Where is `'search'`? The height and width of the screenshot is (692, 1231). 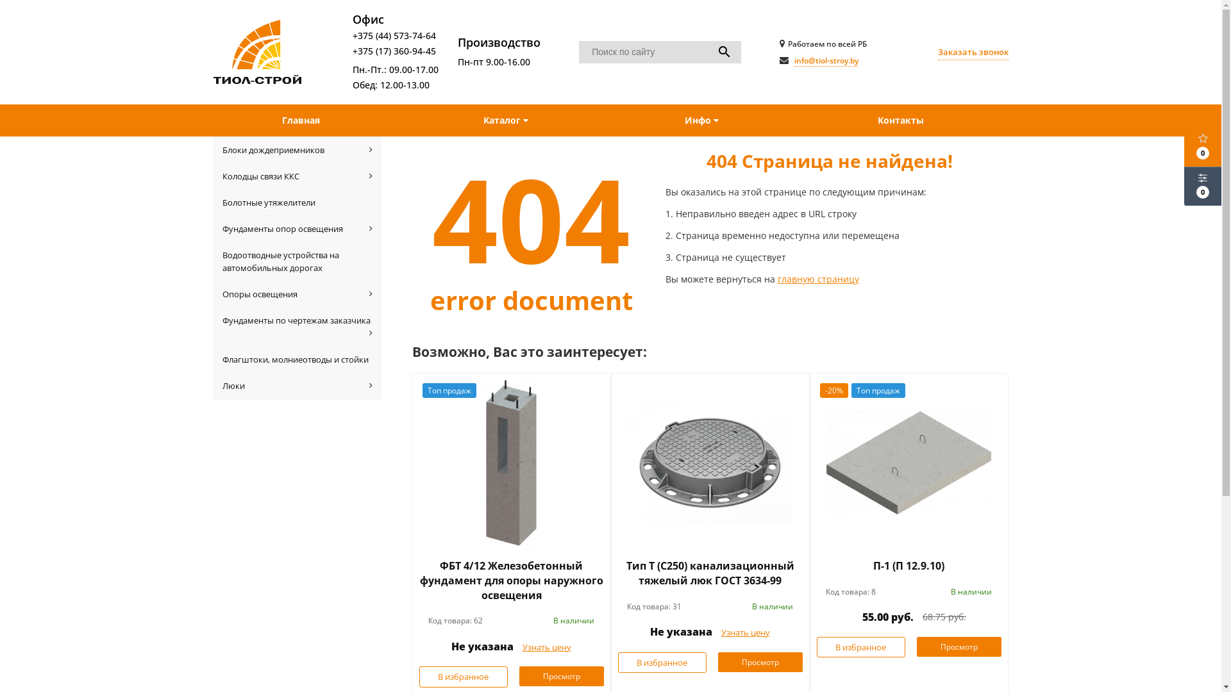 'search' is located at coordinates (724, 51).